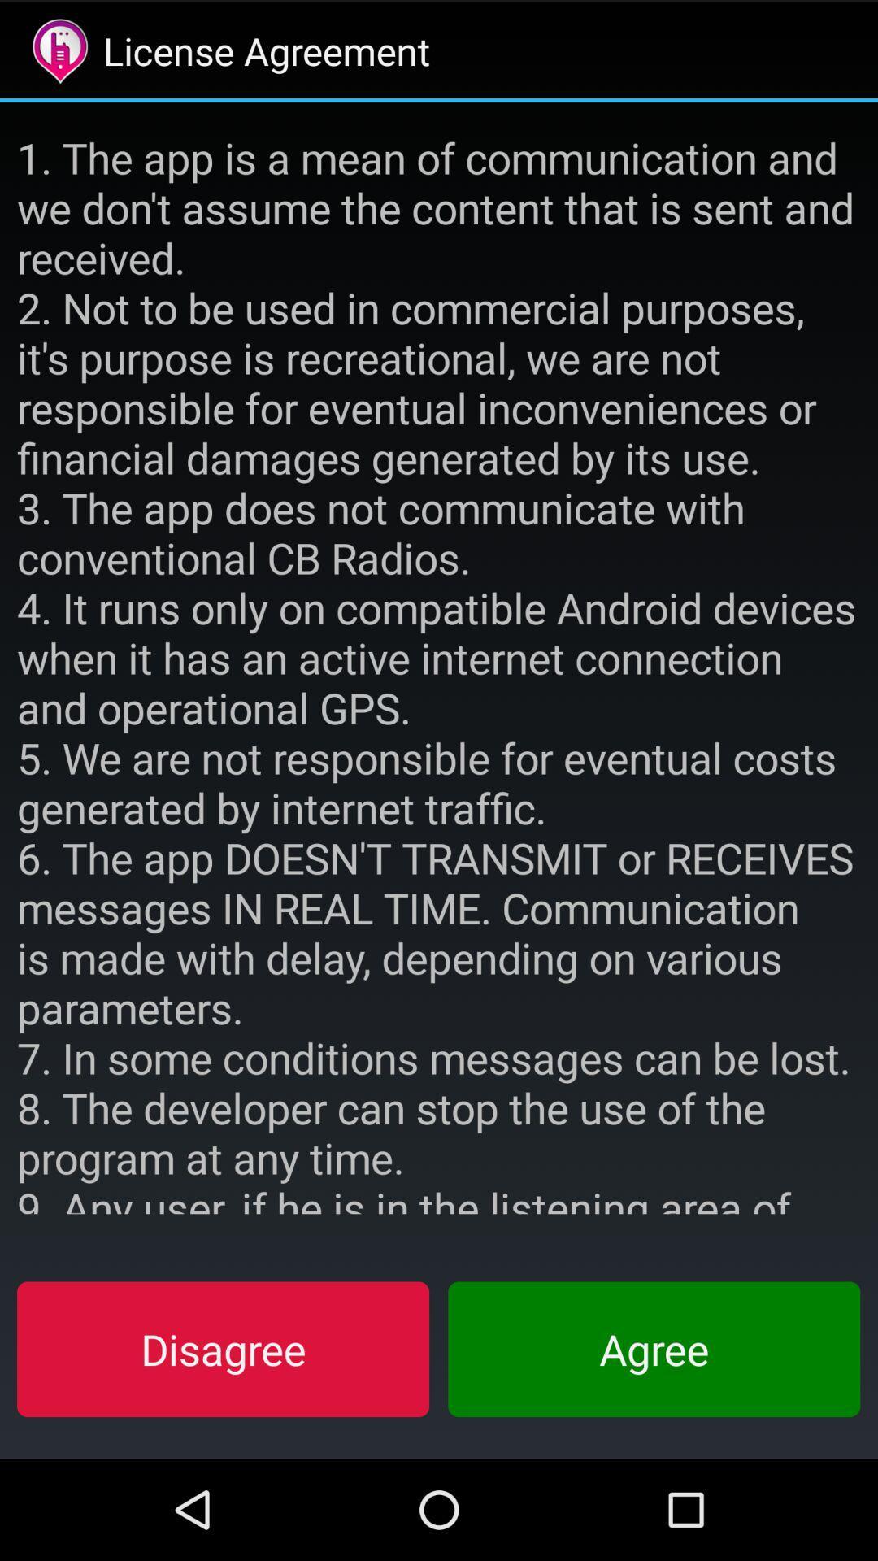 The image size is (878, 1561). What do you see at coordinates (223, 1349) in the screenshot?
I see `icon to the left of agree button` at bounding box center [223, 1349].